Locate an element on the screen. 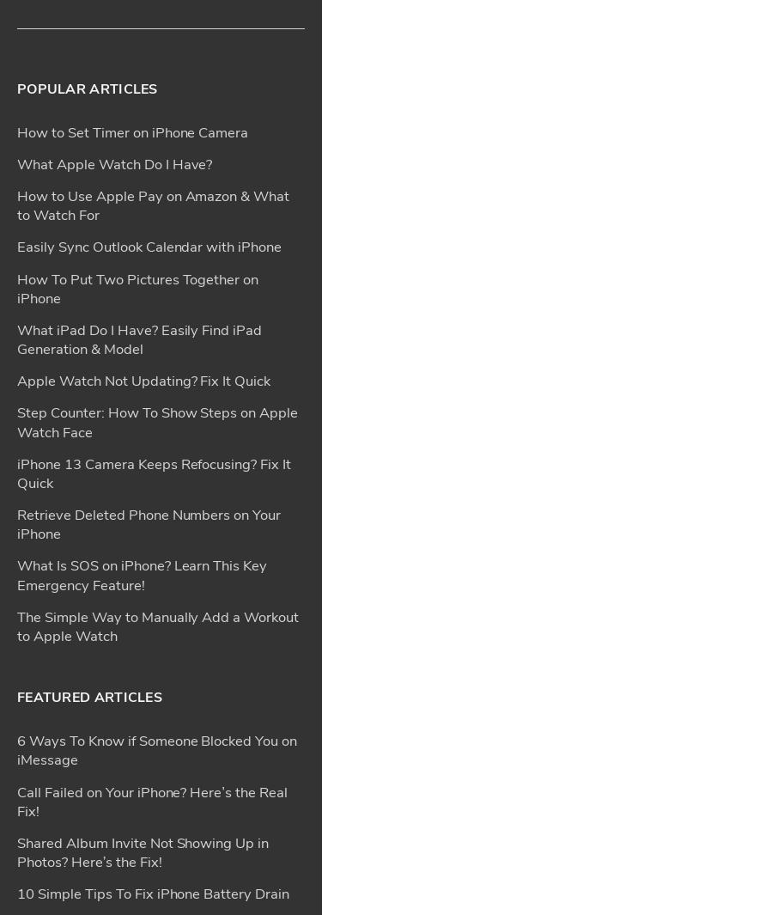  'App Store Missing on iPhone? How To Get It Back' is located at coordinates (157, 615).